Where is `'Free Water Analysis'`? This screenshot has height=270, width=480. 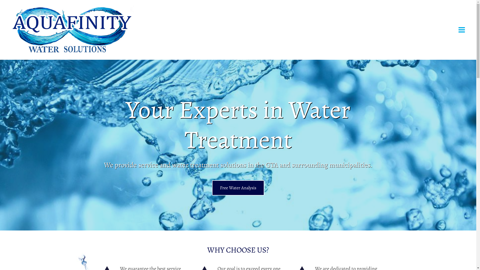 'Free Water Analysis' is located at coordinates (238, 188).